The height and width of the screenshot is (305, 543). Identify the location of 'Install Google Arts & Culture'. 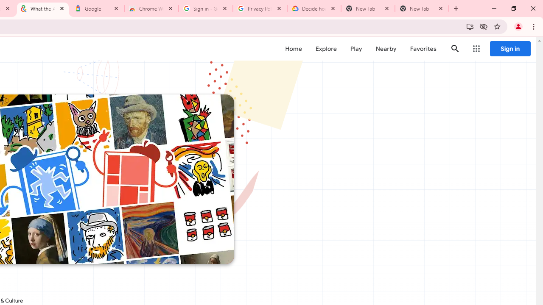
(469, 26).